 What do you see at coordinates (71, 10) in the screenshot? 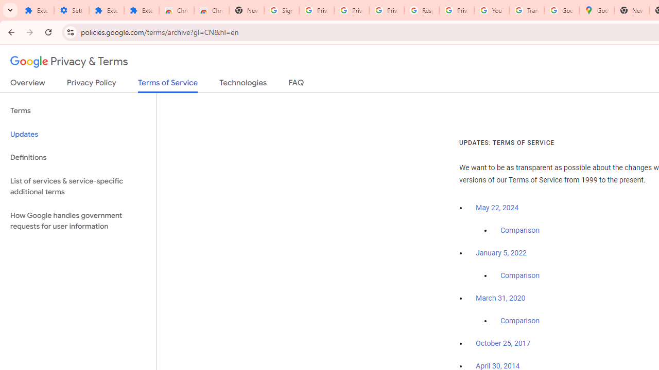
I see `'Settings'` at bounding box center [71, 10].